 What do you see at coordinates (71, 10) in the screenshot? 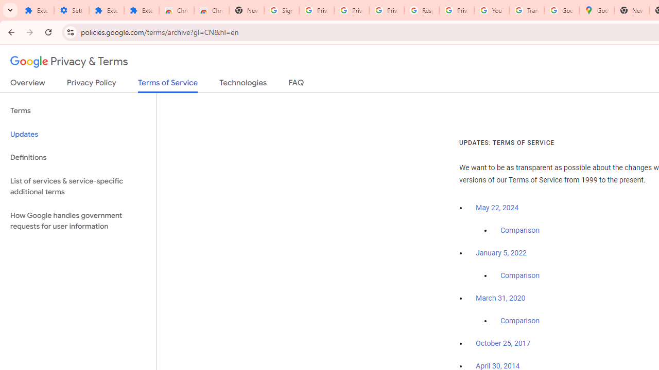
I see `'Settings'` at bounding box center [71, 10].